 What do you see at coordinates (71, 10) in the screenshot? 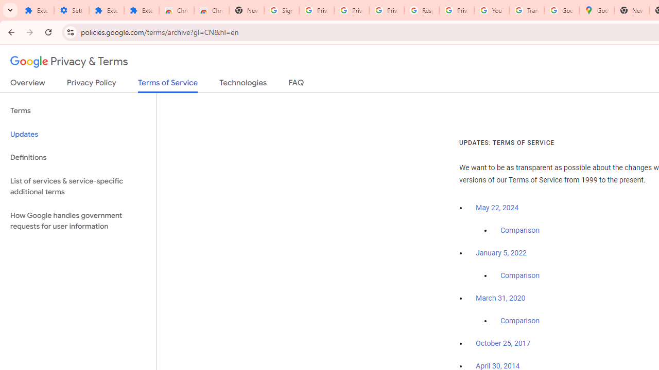
I see `'Settings'` at bounding box center [71, 10].